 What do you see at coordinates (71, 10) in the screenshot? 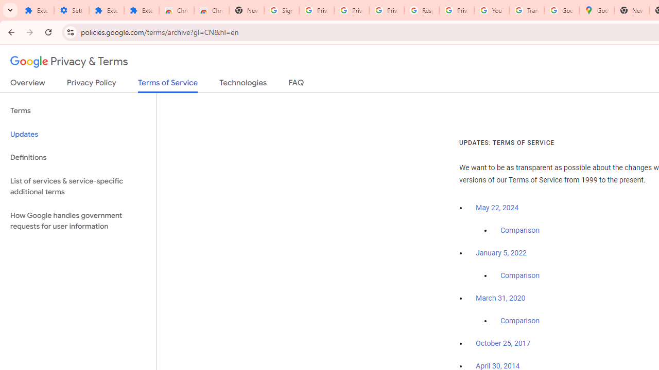
I see `'Settings'` at bounding box center [71, 10].